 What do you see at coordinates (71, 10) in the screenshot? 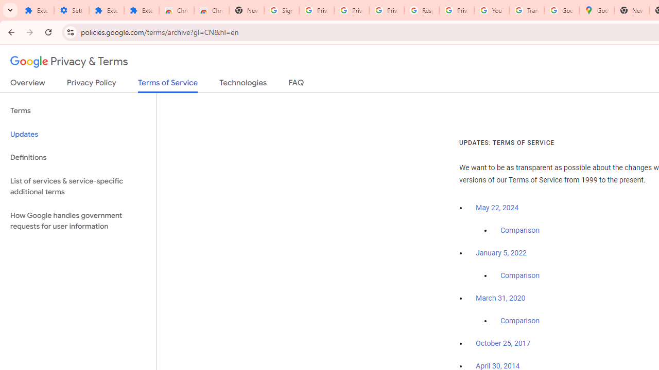
I see `'Settings'` at bounding box center [71, 10].